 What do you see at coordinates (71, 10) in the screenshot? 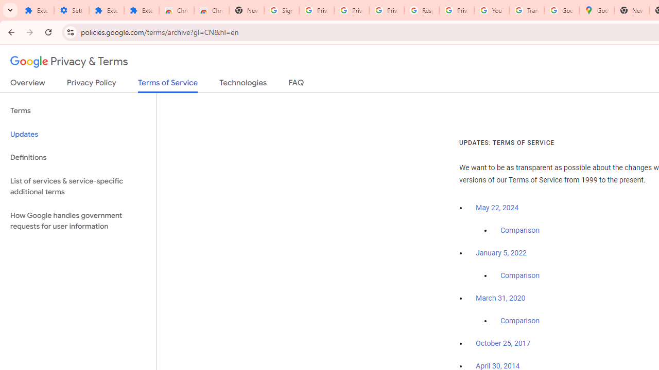
I see `'Settings'` at bounding box center [71, 10].